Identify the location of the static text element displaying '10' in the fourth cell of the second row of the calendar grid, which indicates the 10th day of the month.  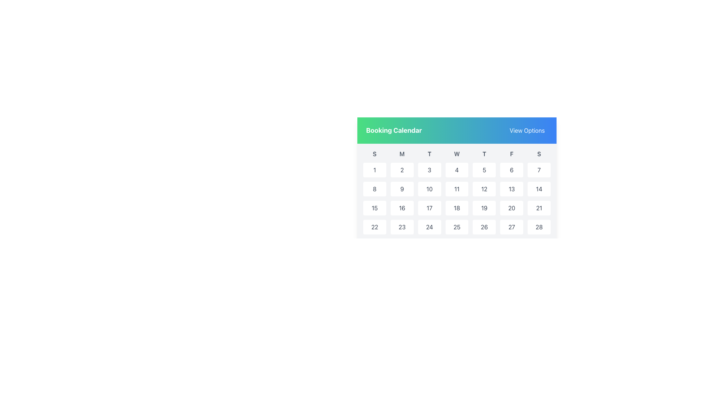
(429, 188).